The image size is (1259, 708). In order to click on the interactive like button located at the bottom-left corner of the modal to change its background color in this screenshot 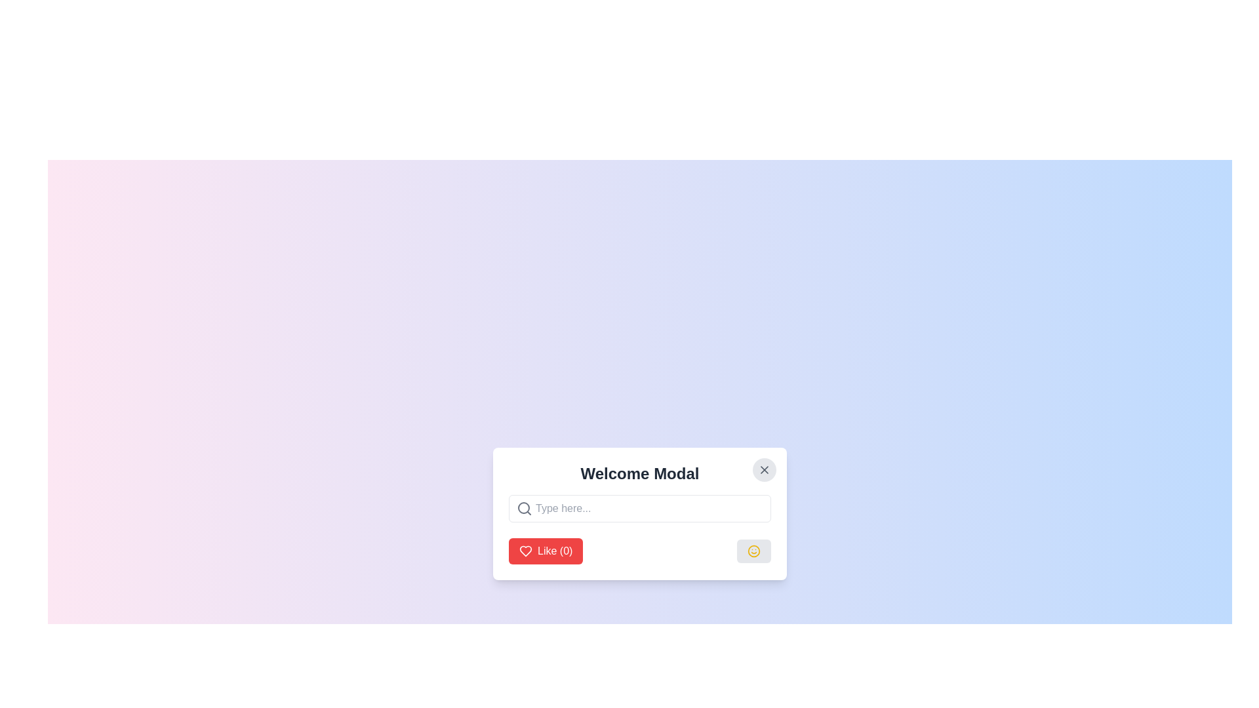, I will do `click(546, 551)`.